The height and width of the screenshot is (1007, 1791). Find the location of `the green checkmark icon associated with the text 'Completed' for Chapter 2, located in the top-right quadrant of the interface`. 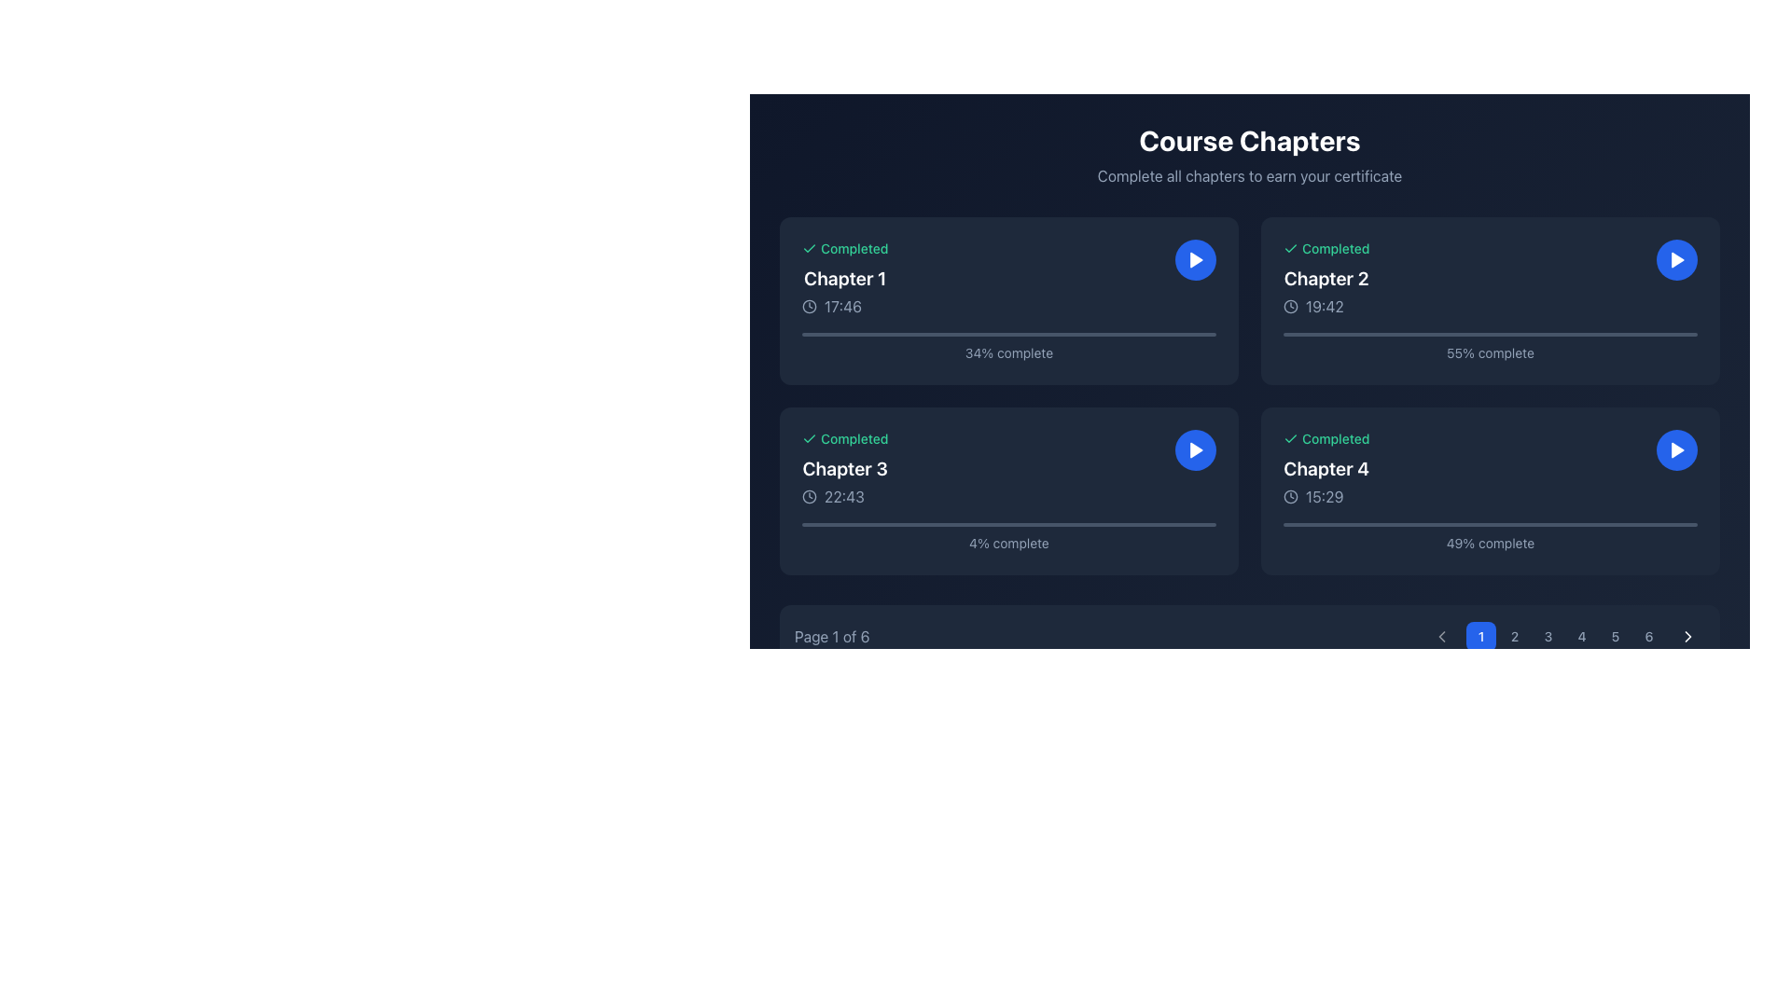

the green checkmark icon associated with the text 'Completed' for Chapter 2, located in the top-right quadrant of the interface is located at coordinates (1289, 247).